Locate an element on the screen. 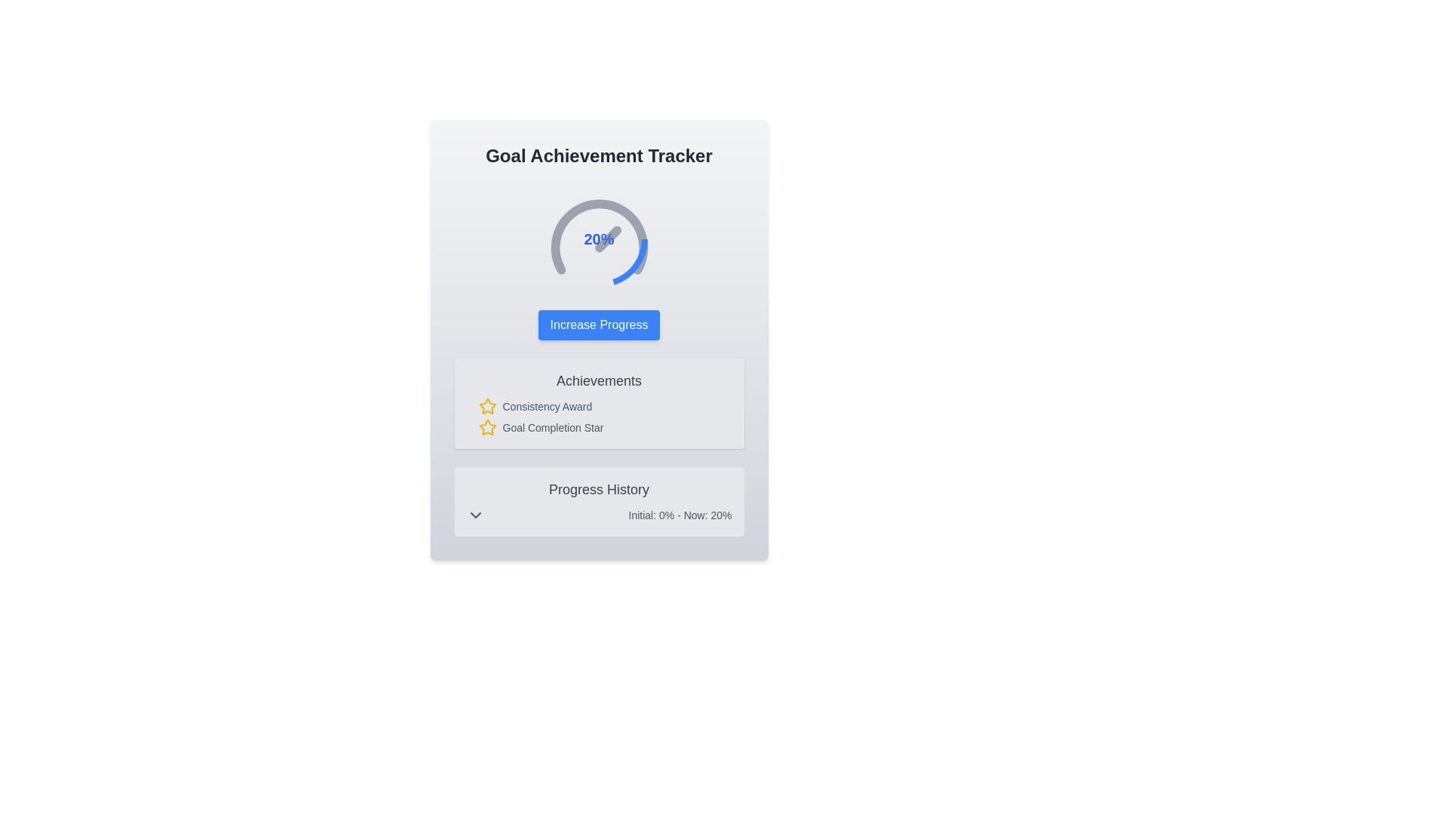 Image resolution: width=1448 pixels, height=815 pixels. the 'Goal Completion Star' achievement indicator, which is the second item in the 'Achievements' section, styled similarly to the 'Consistency Award.' is located at coordinates (605, 428).